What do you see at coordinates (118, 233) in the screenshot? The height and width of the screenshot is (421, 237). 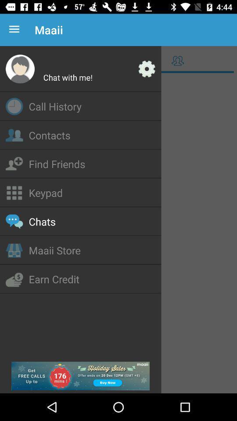 I see `menu` at bounding box center [118, 233].